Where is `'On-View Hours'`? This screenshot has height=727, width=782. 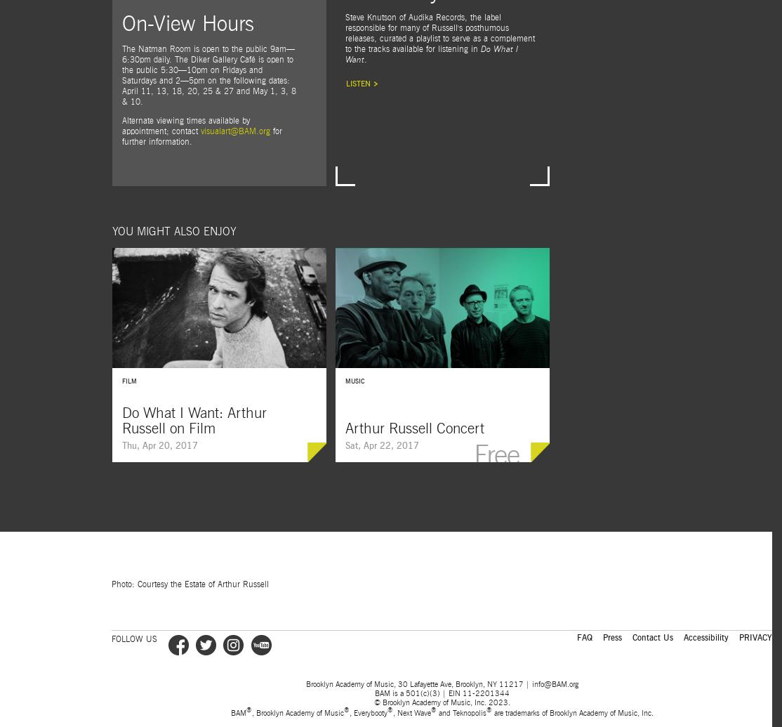 'On-View Hours' is located at coordinates (121, 24).